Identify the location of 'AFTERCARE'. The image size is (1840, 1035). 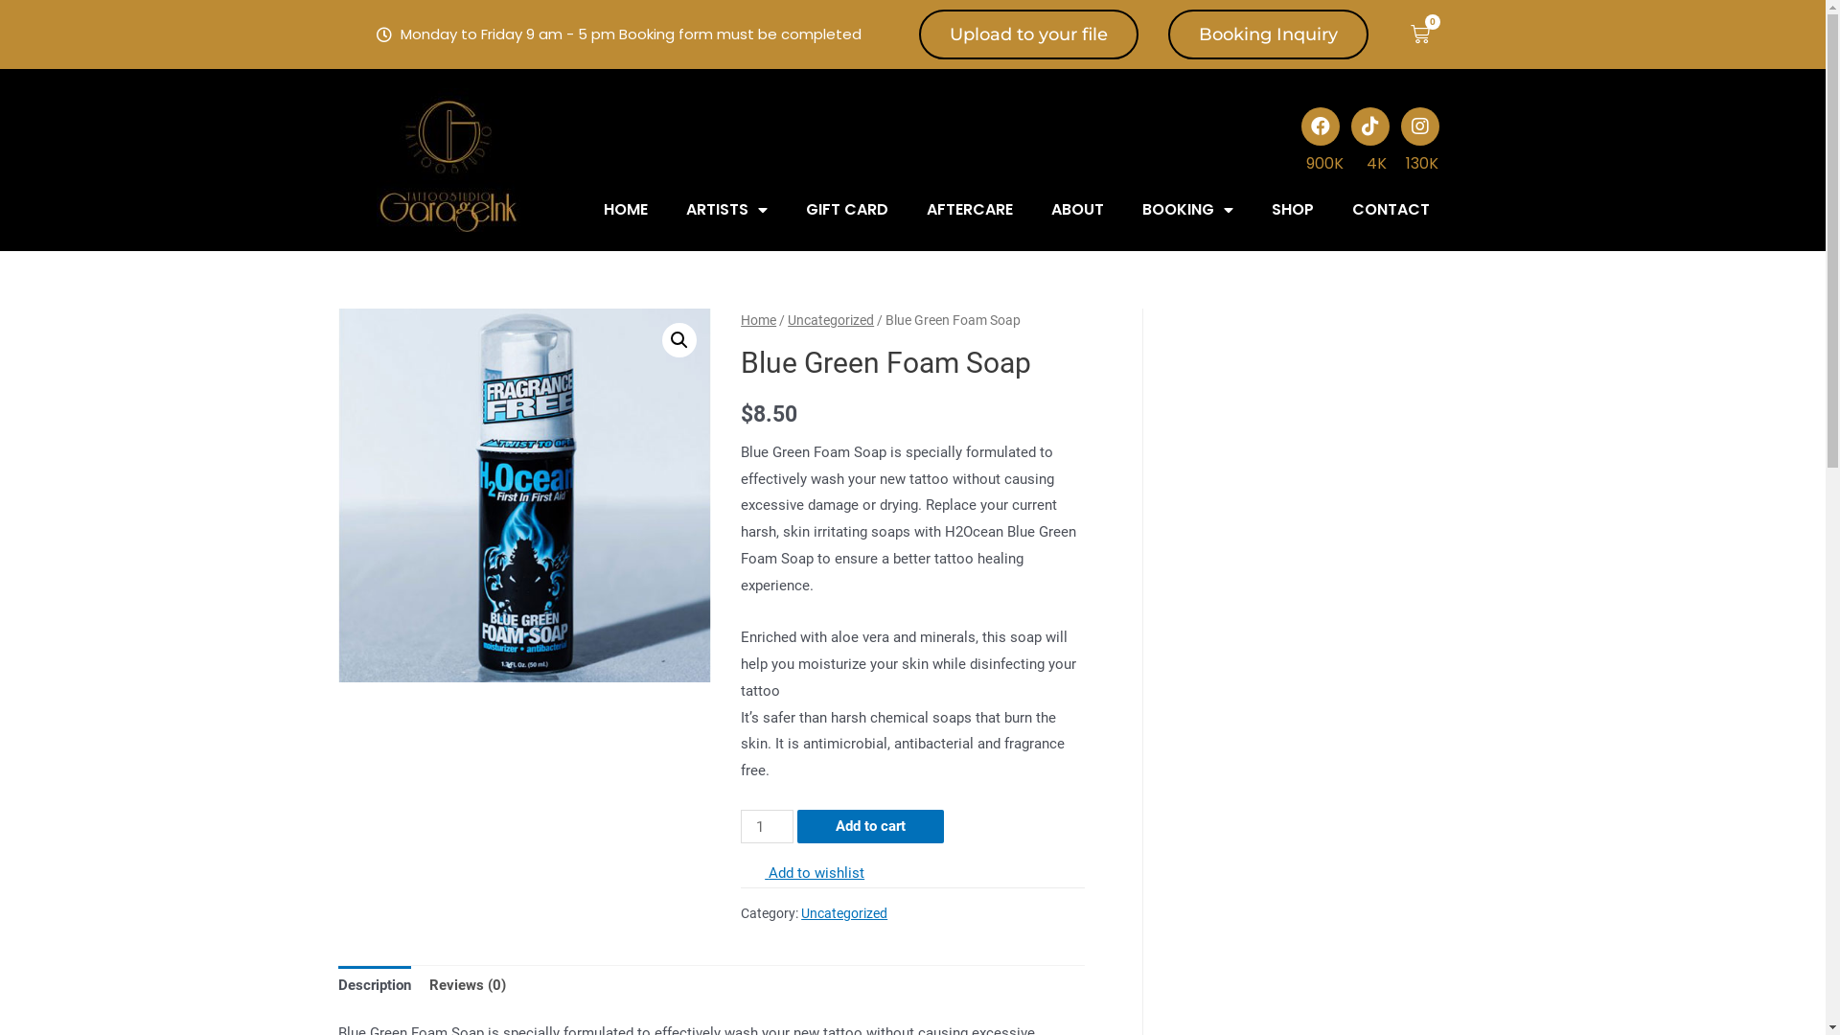
(906, 210).